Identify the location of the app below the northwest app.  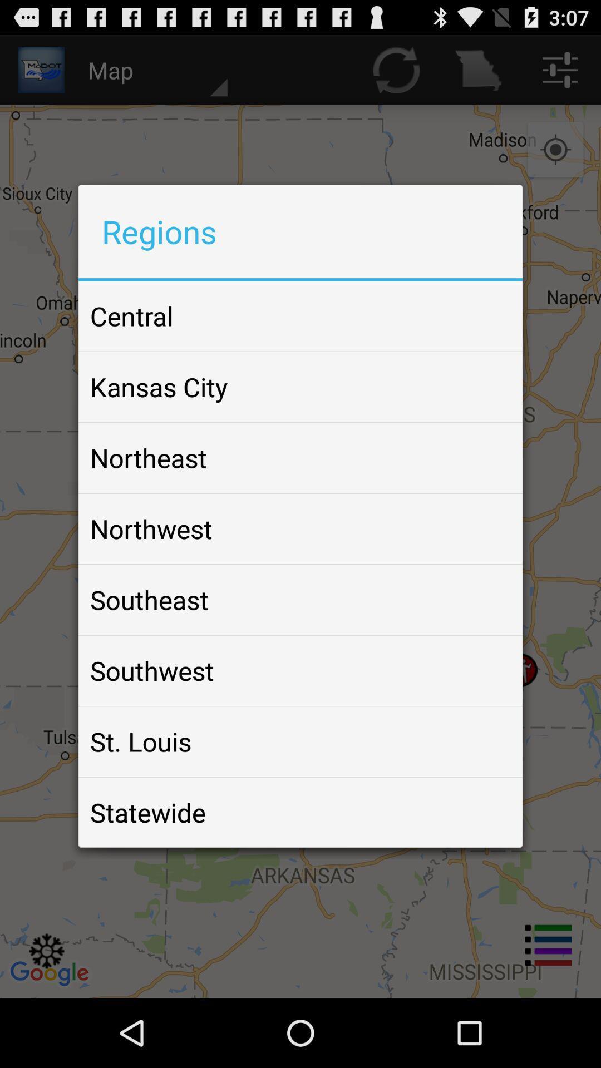
(149, 599).